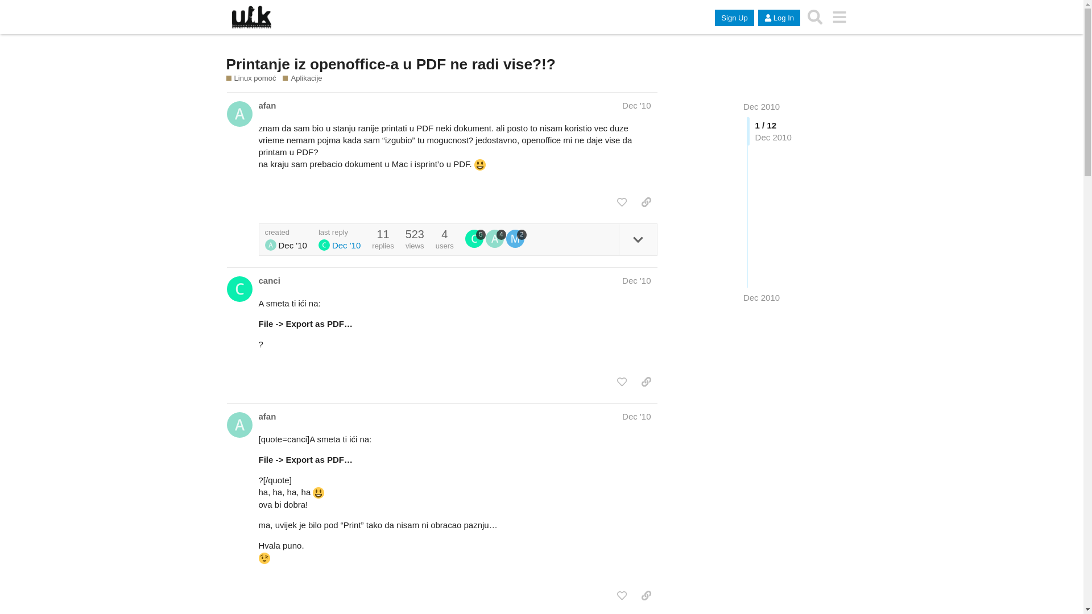  What do you see at coordinates (266, 105) in the screenshot?
I see `'afan'` at bounding box center [266, 105].